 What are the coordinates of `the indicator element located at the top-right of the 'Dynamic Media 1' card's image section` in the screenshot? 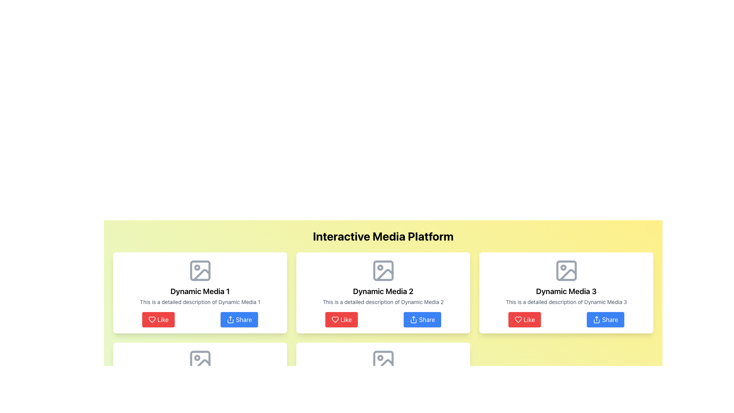 It's located at (197, 267).